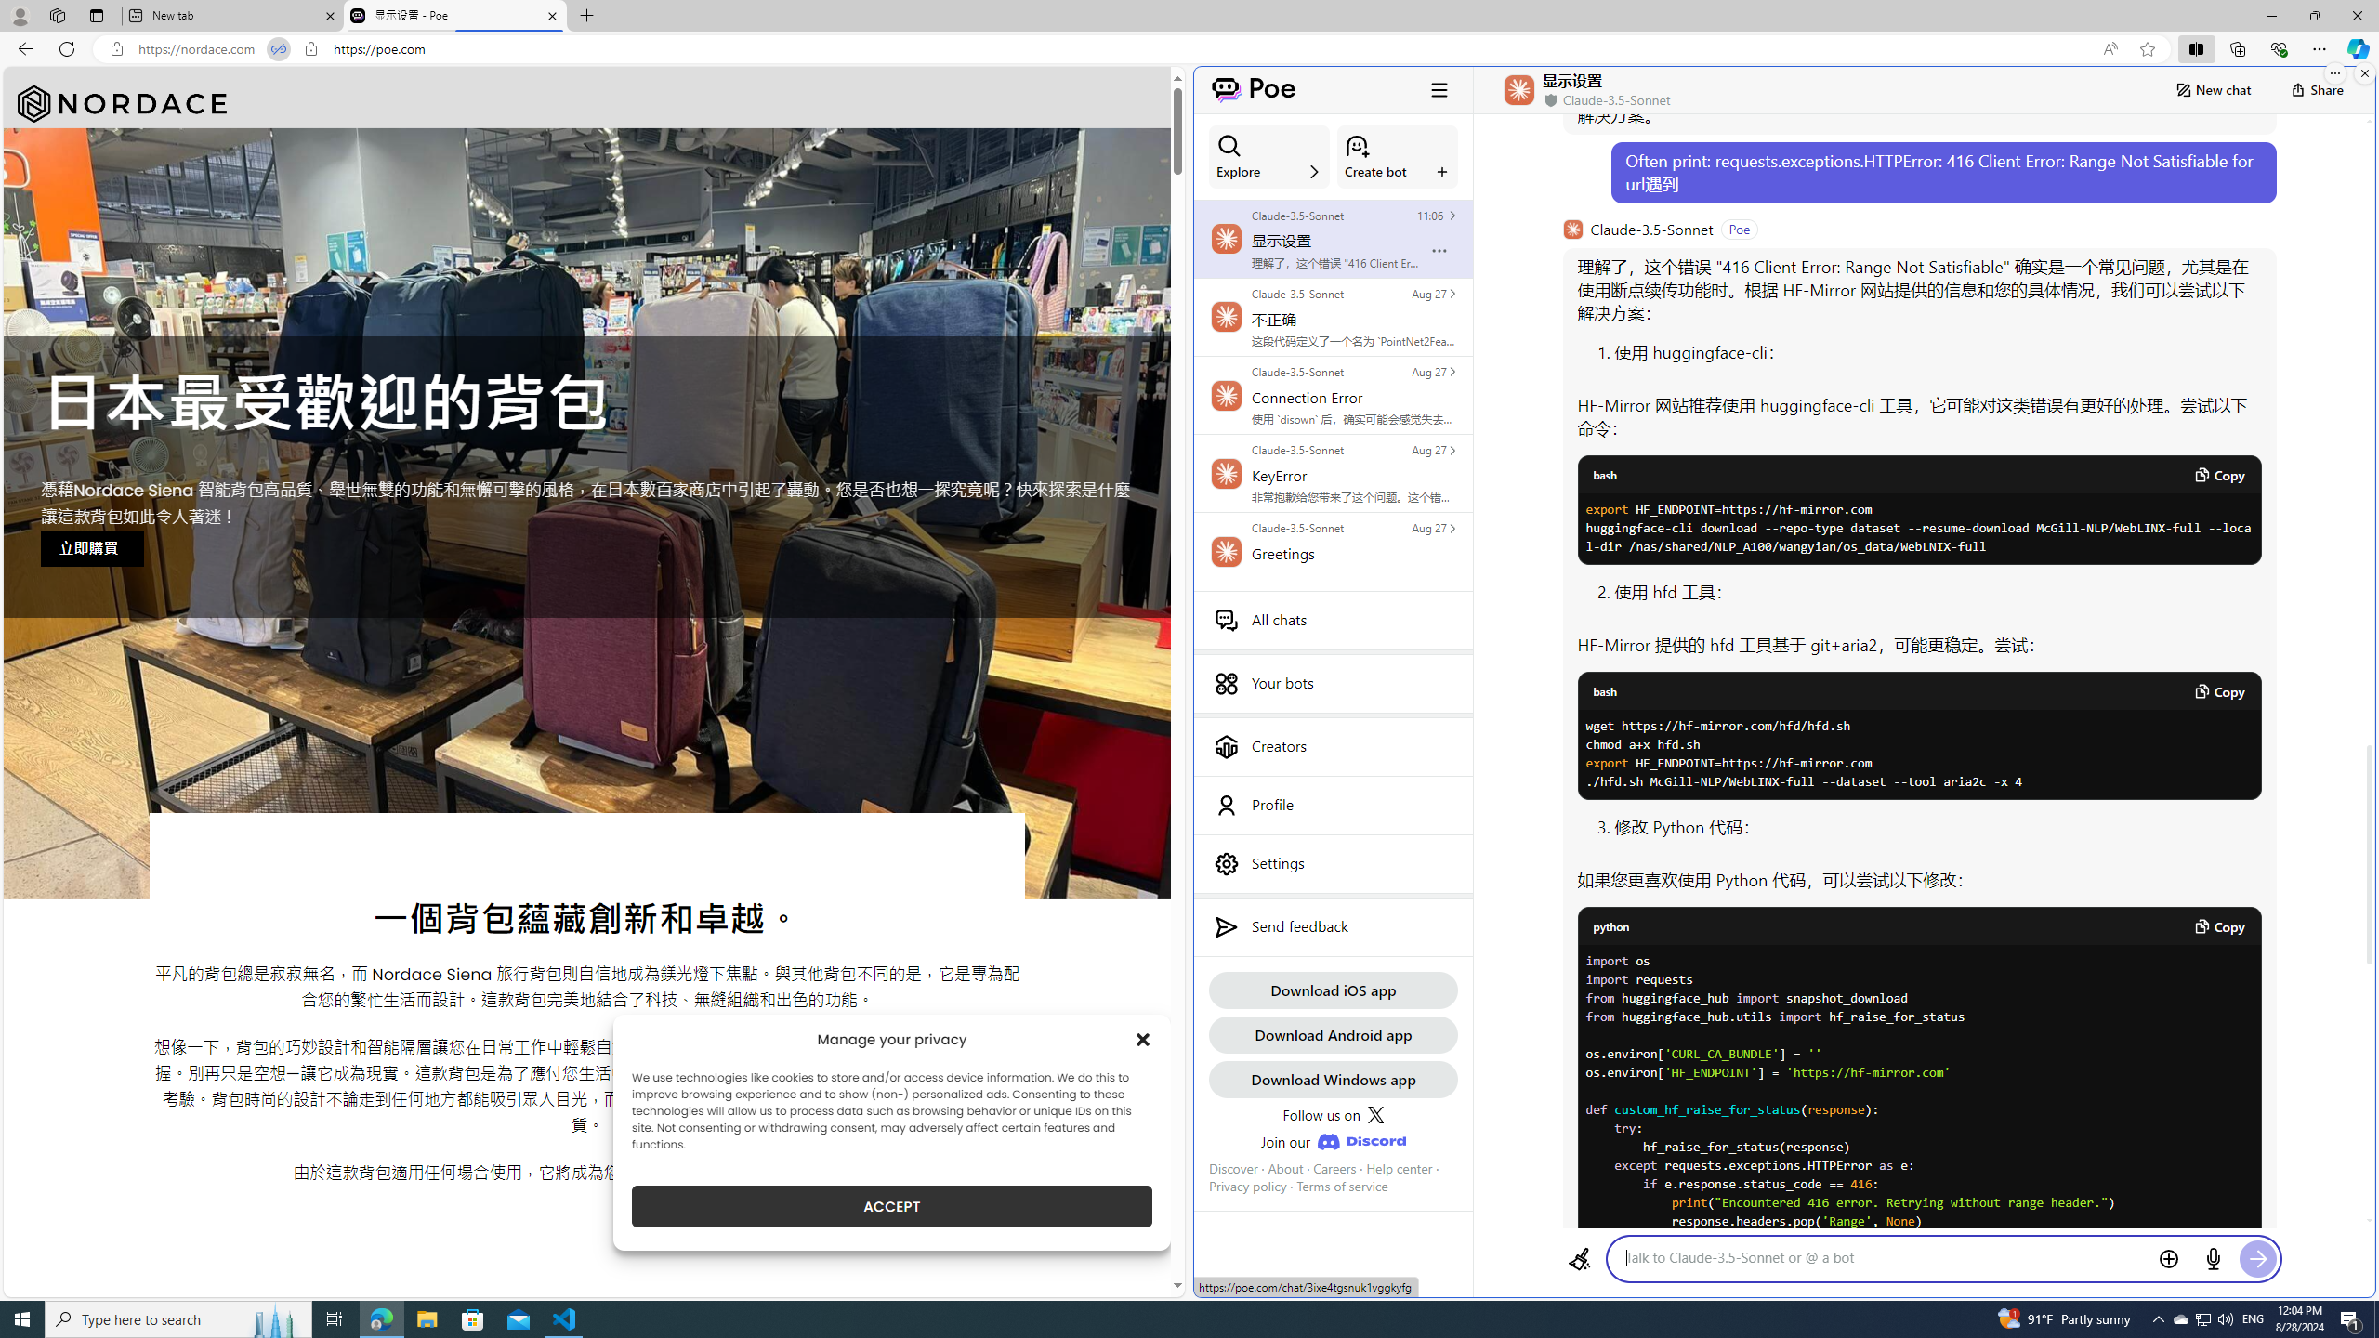 This screenshot has width=2379, height=1338. Describe the element at coordinates (2217, 925) in the screenshot. I see `'Copy'` at that location.